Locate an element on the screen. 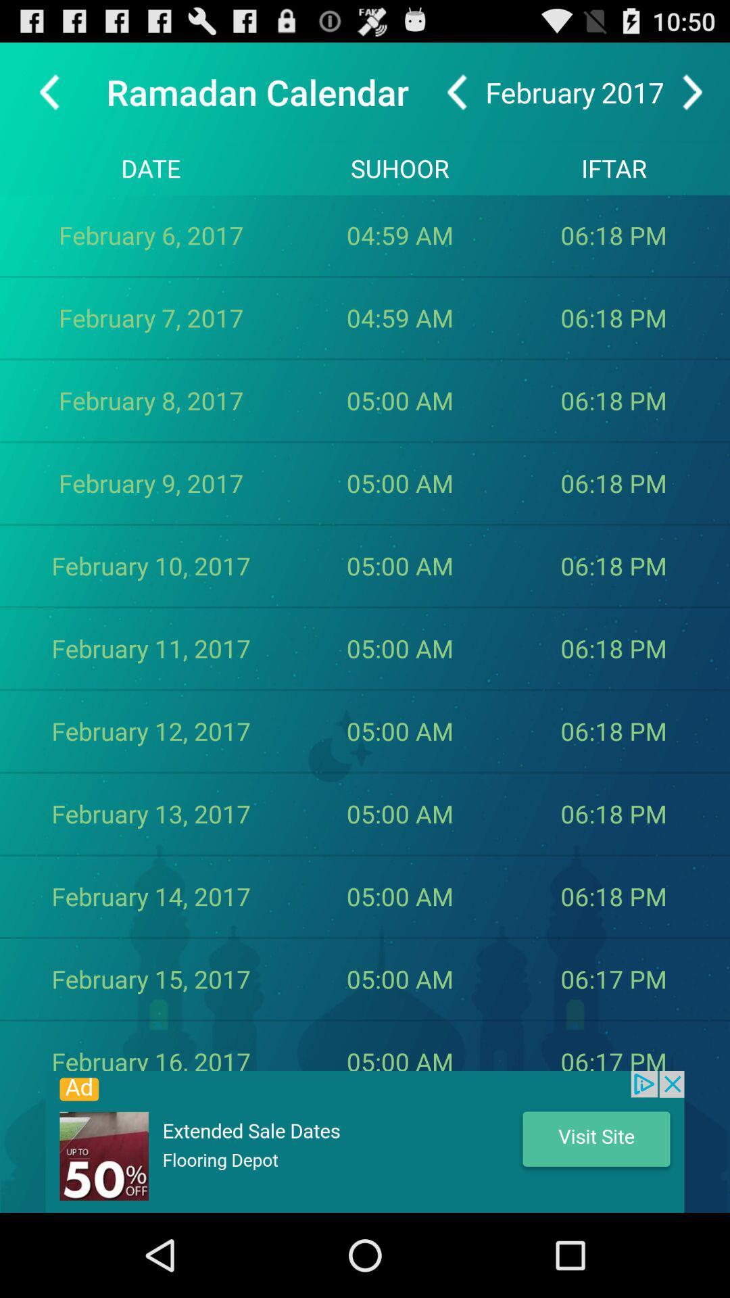 This screenshot has height=1298, width=730. change month is located at coordinates (692, 91).